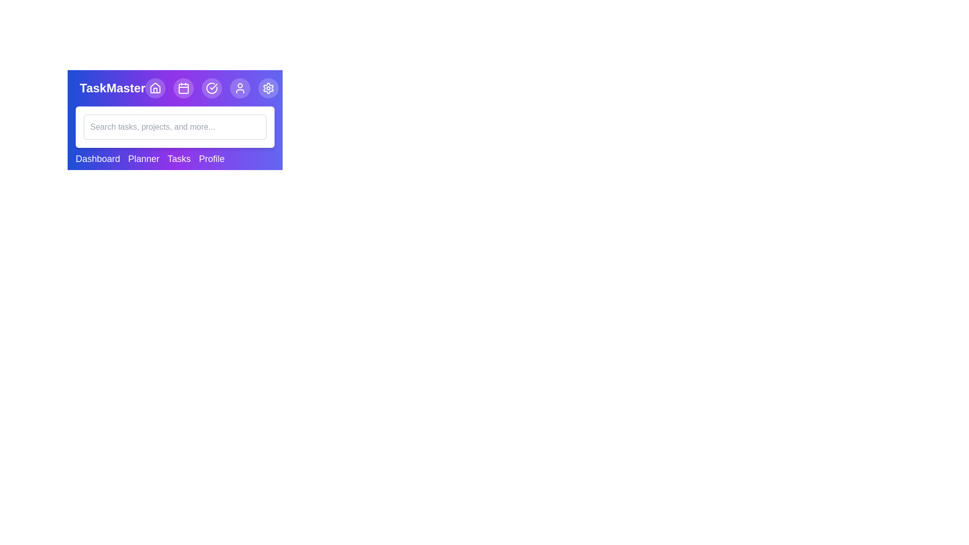 The image size is (969, 545). What do you see at coordinates (179, 159) in the screenshot?
I see `the menu item Tasks` at bounding box center [179, 159].